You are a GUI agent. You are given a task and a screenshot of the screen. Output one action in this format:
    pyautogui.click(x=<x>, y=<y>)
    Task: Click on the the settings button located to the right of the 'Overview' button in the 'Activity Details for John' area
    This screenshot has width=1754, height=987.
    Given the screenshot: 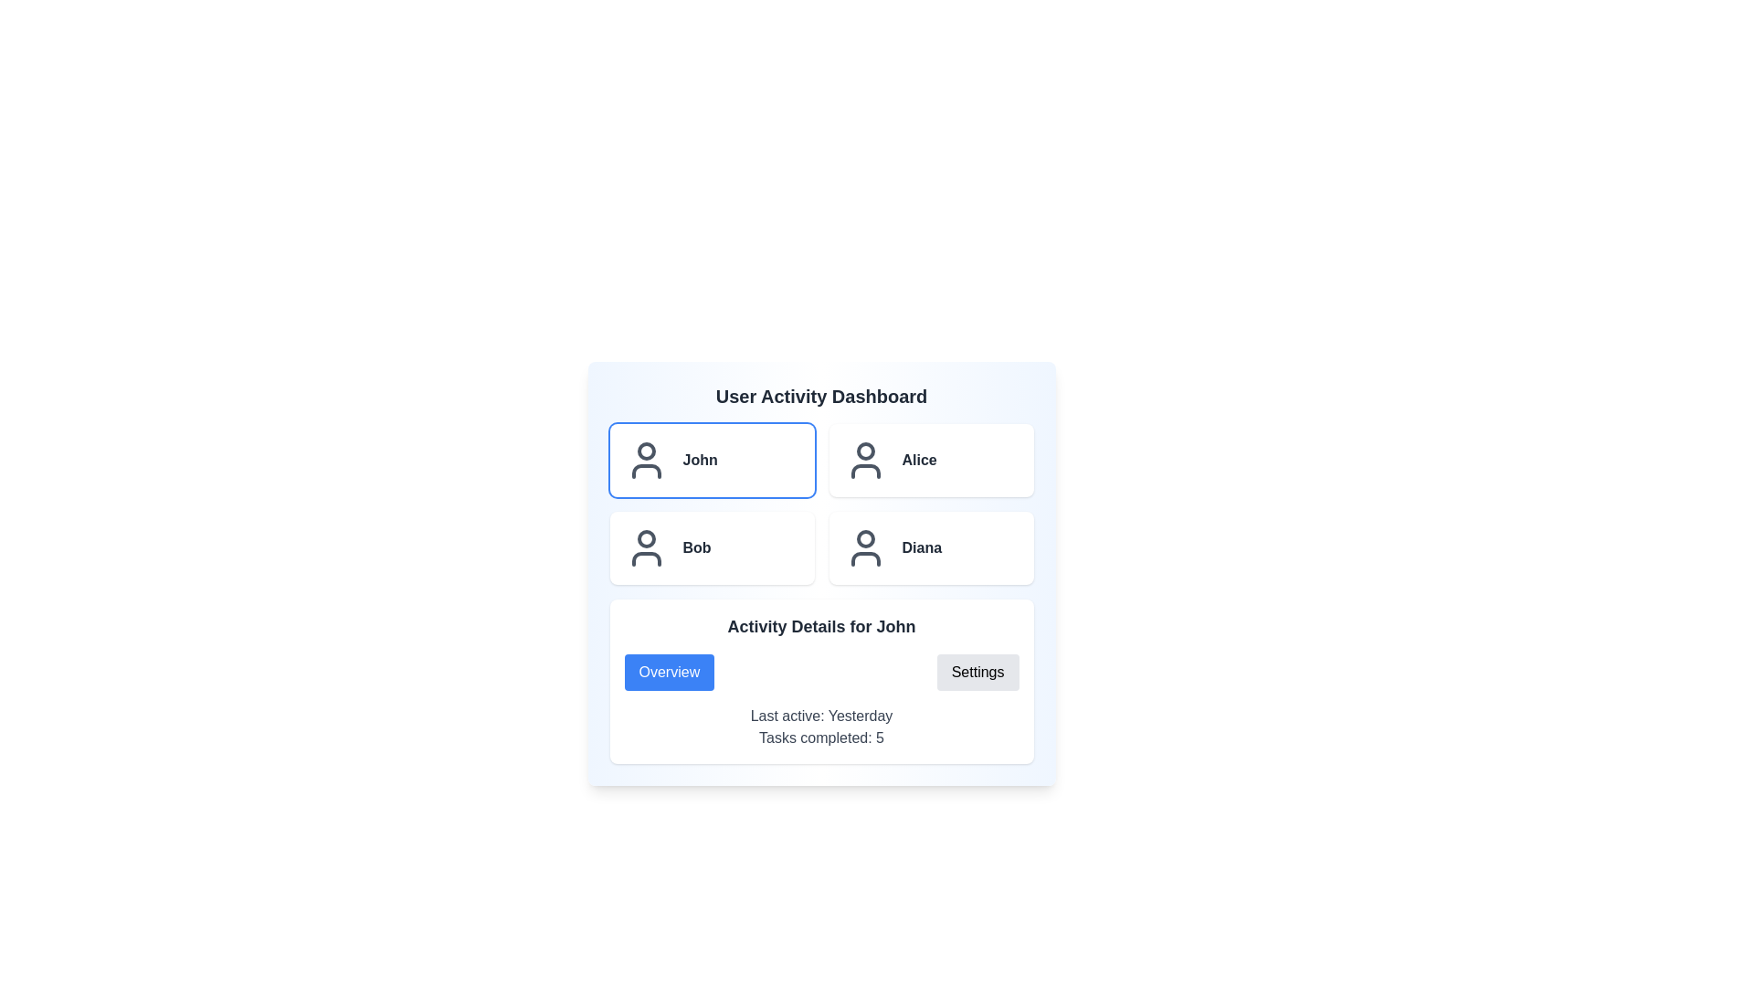 What is the action you would take?
    pyautogui.click(x=977, y=673)
    